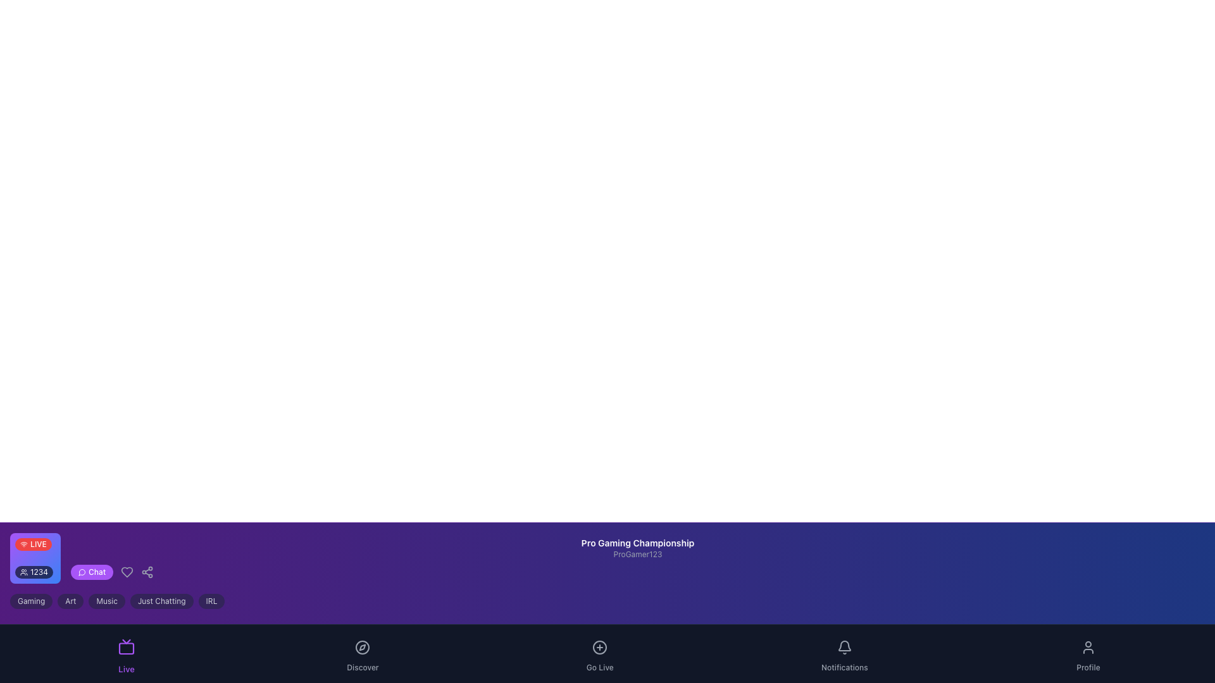 The height and width of the screenshot is (683, 1215). I want to click on the static text element displaying 'ProGamer123' in gray font against a purple background, positioned below 'Pro Gaming Championship' and above 'Chat', so click(638, 553).